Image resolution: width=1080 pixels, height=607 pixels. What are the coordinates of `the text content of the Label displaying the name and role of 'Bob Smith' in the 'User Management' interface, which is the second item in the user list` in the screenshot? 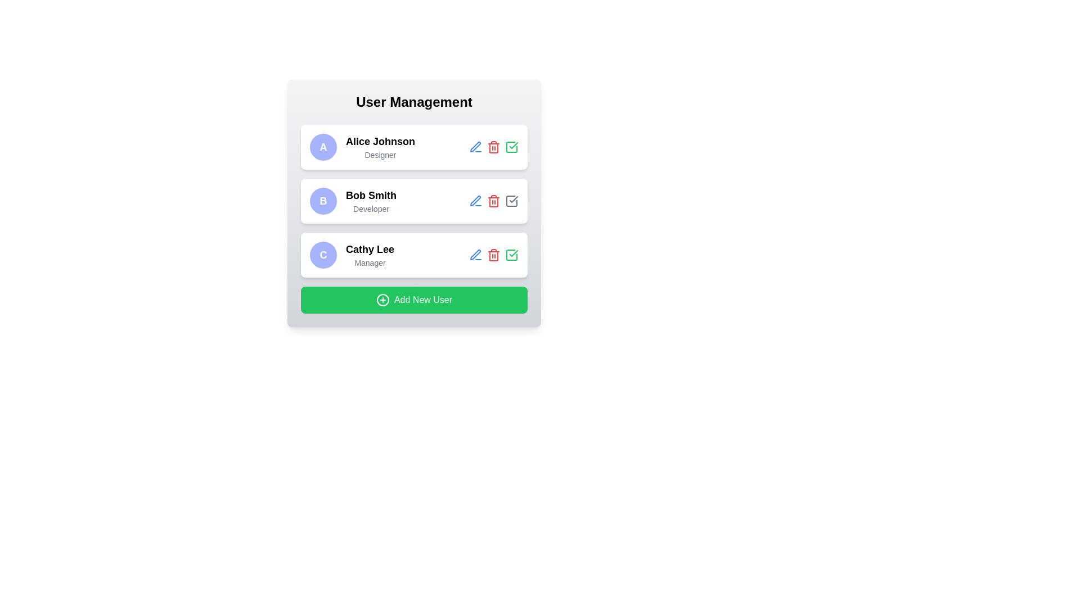 It's located at (371, 201).